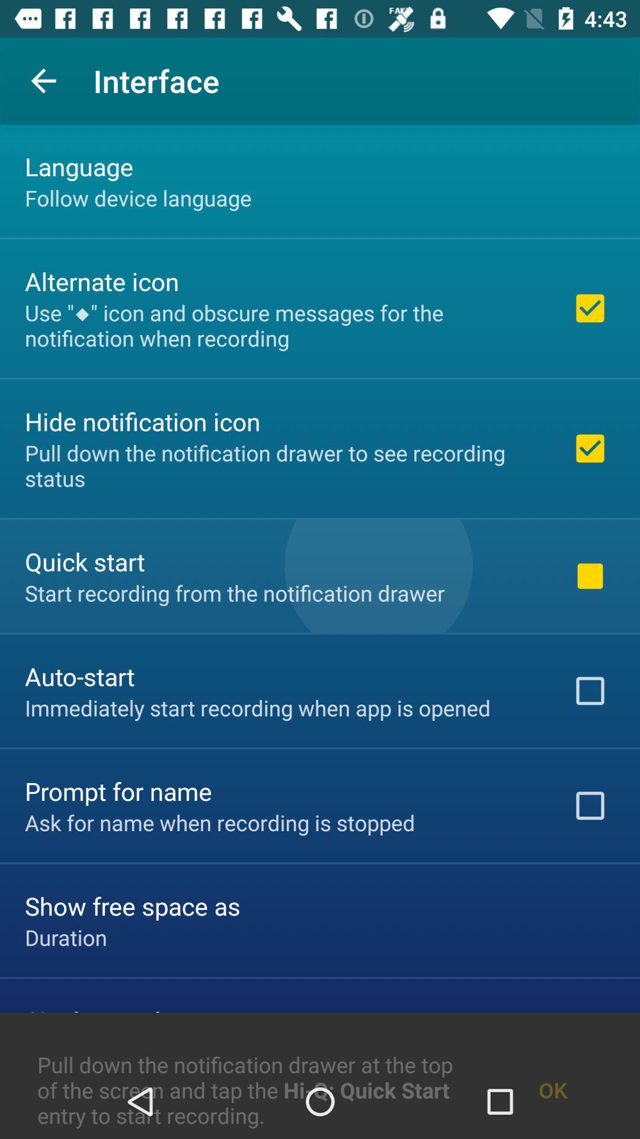  What do you see at coordinates (43, 80) in the screenshot?
I see `item above language` at bounding box center [43, 80].